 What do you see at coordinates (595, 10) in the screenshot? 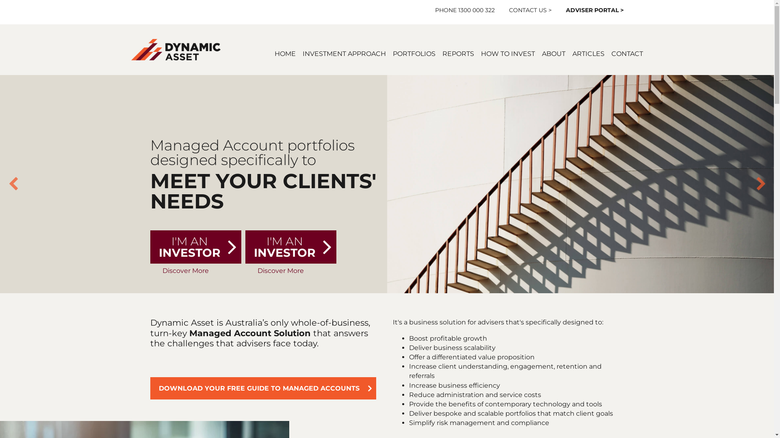
I see `'ADVISER PORTAL >'` at bounding box center [595, 10].